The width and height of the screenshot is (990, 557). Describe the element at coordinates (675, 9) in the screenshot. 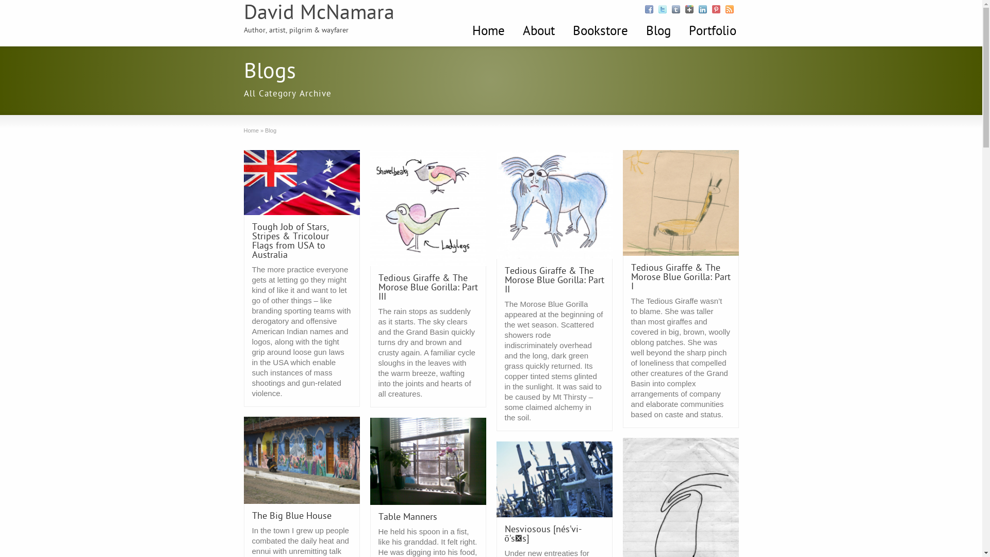

I see `'Follow Me Tumblr'` at that location.